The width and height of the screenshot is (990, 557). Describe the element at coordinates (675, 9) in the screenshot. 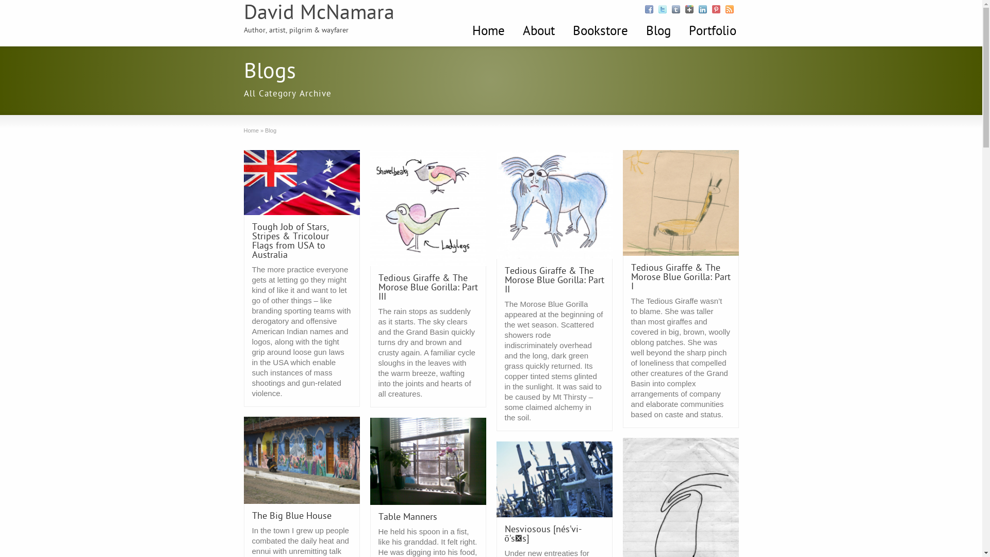

I see `'Follow Me Tumblr'` at that location.